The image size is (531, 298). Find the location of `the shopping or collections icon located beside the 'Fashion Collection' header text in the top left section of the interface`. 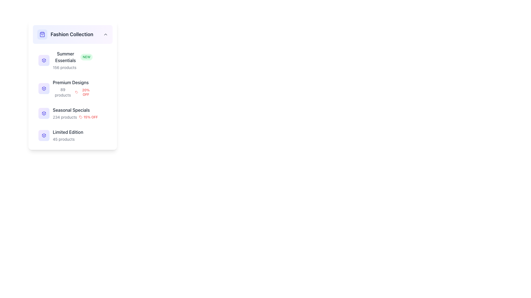

the shopping or collections icon located beside the 'Fashion Collection' header text in the top left section of the interface is located at coordinates (42, 34).